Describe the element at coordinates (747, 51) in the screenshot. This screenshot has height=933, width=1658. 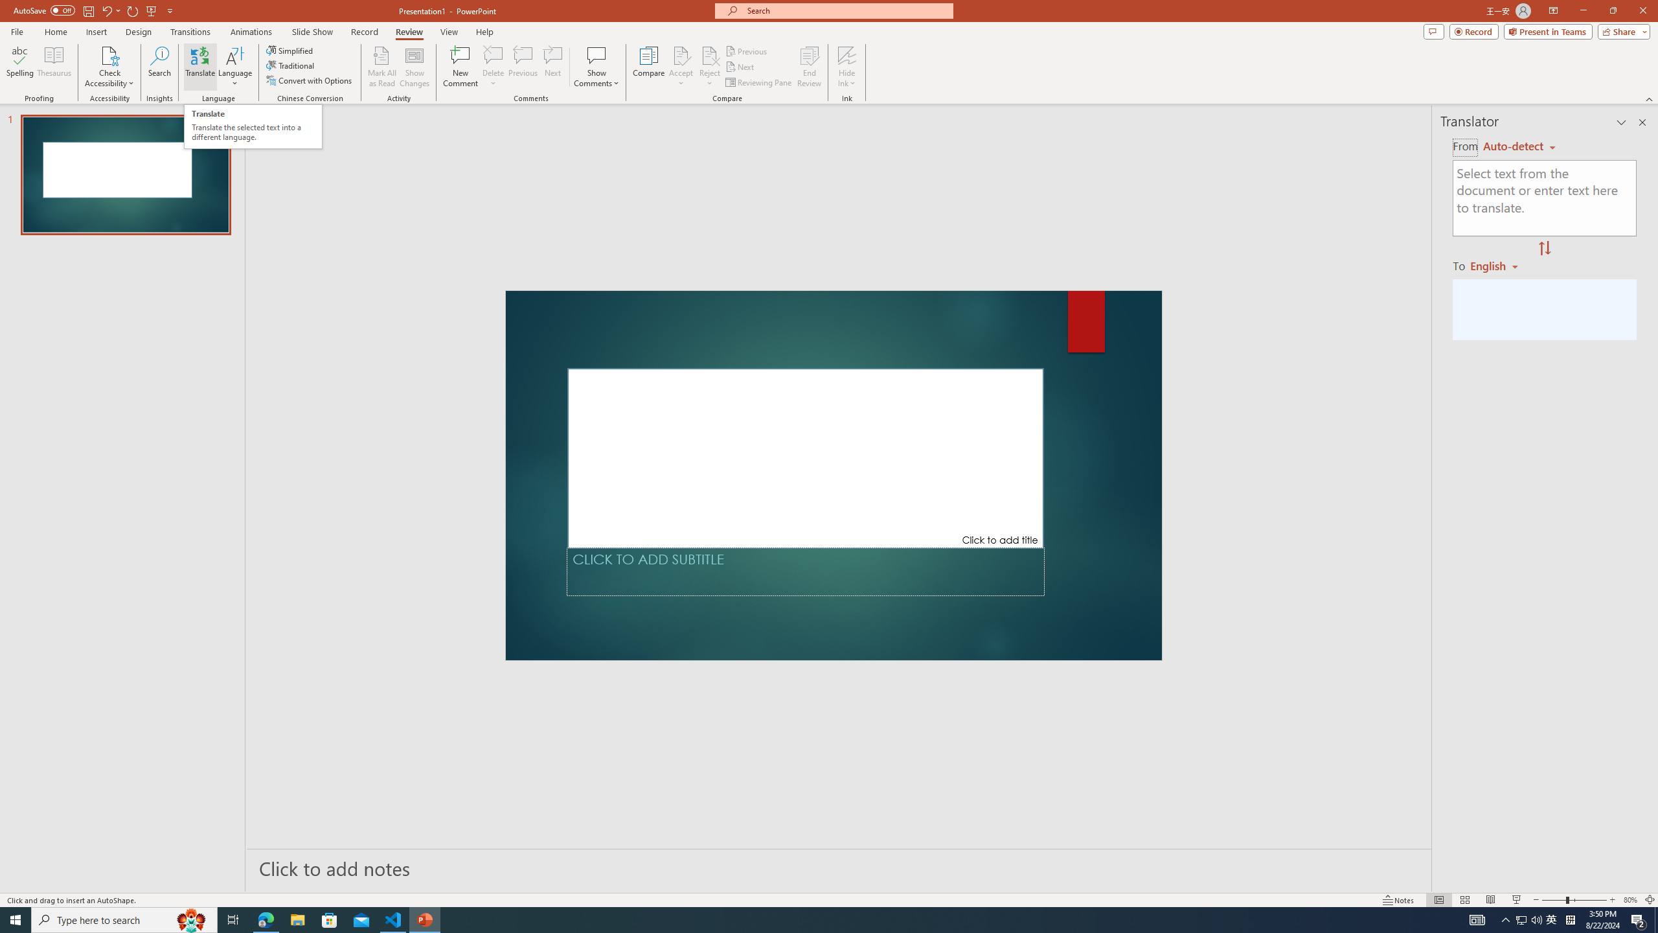
I see `'Previous'` at that location.